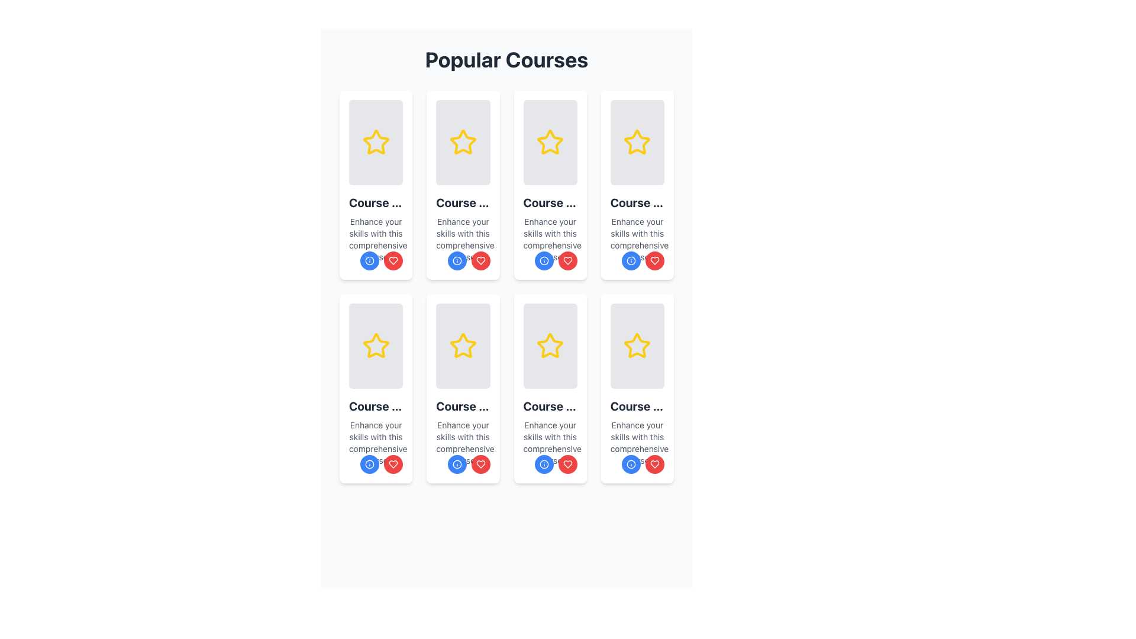 This screenshot has height=639, width=1136. I want to click on the 'like' or 'favorite' button, which is the second button from the left in the bottom control bar of the card, located at the bottom-right corner, so click(654, 464).